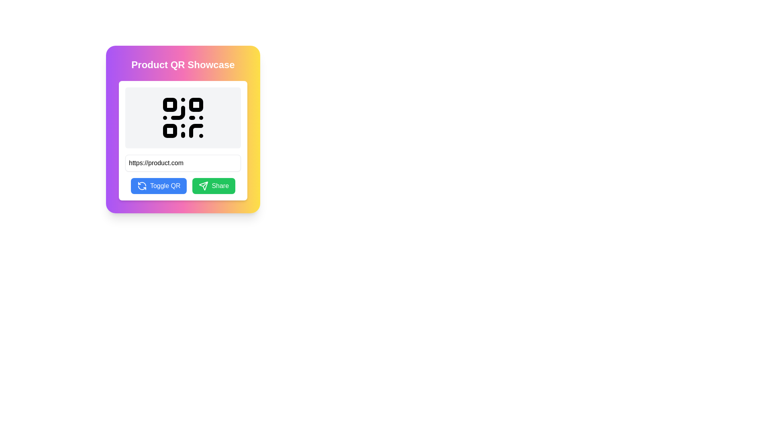 The image size is (771, 433). I want to click on the QR code graphic, specifically targeting the curved line that is part of its structure, located near the center of the interface, so click(177, 113).